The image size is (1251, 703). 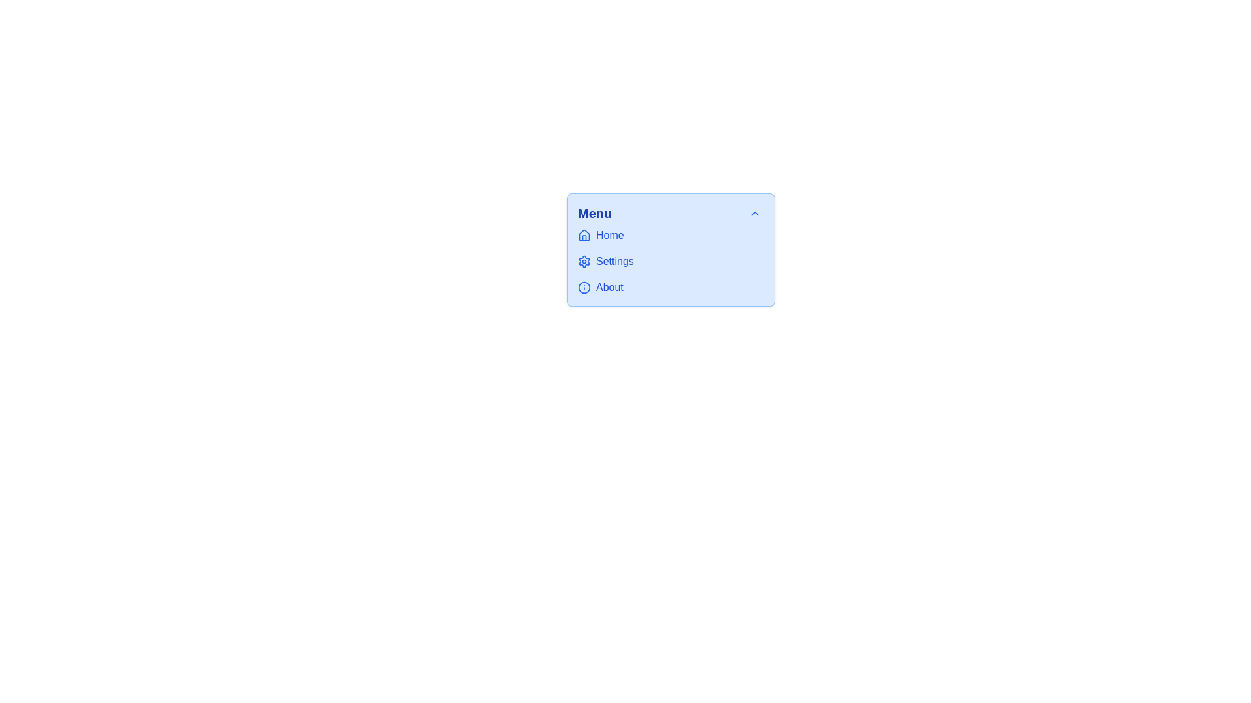 I want to click on the text label that identifies the first menu option, located to the right of the house-shaped icon in the vertical menu under 'Menu', so click(x=609, y=236).